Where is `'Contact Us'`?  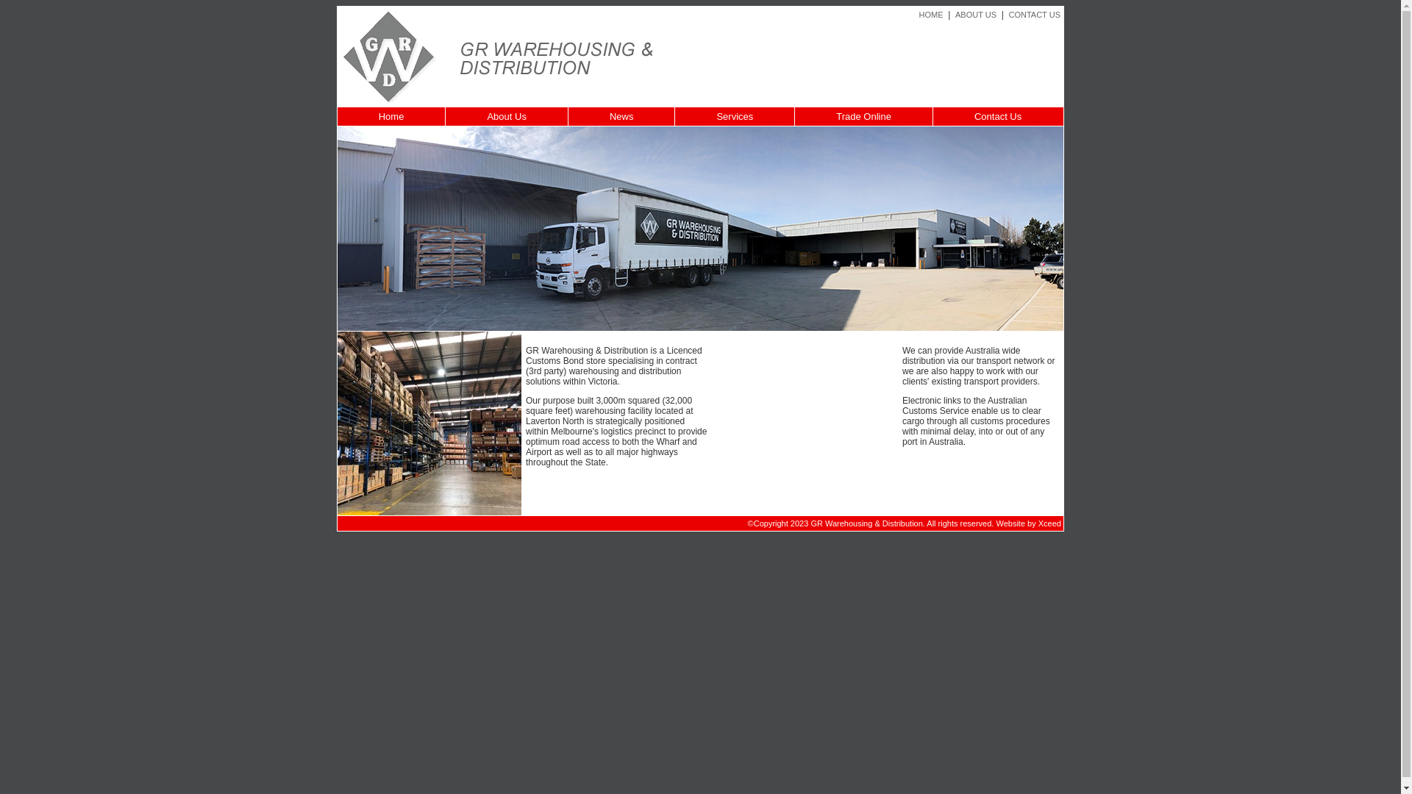
'Contact Us' is located at coordinates (998, 115).